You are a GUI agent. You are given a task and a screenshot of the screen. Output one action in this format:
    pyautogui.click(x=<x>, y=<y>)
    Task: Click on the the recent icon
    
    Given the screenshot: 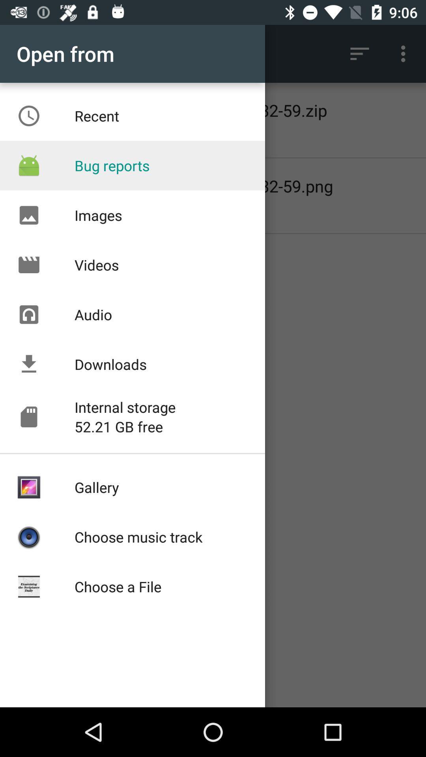 What is the action you would take?
    pyautogui.click(x=28, y=116)
    